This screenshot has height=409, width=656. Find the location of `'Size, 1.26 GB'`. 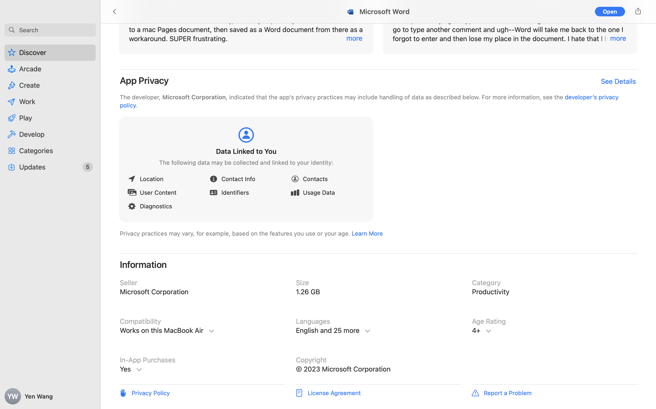

'Size, 1.26 GB' is located at coordinates (378, 292).